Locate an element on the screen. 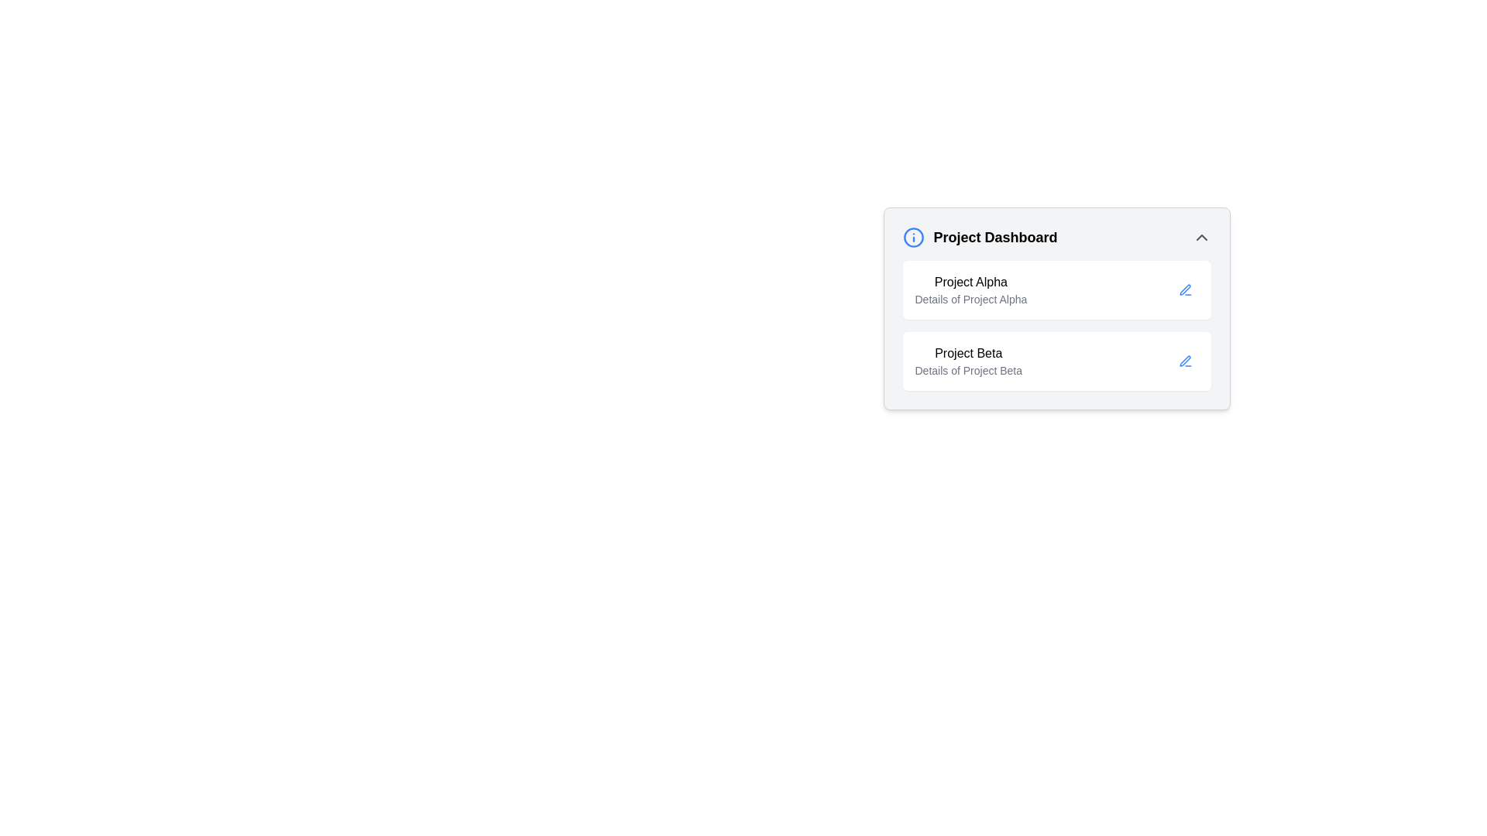  the second project card in the Project Dashboard is located at coordinates (1056, 361).